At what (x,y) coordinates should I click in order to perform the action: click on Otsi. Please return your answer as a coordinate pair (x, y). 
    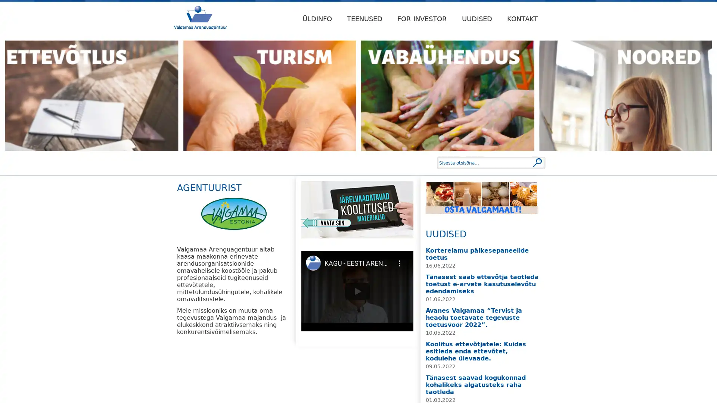
    Looking at the image, I should click on (537, 162).